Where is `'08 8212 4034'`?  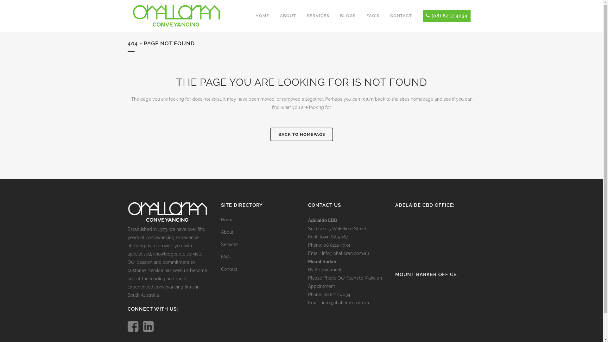
'08 8212 4034' is located at coordinates (336, 294).